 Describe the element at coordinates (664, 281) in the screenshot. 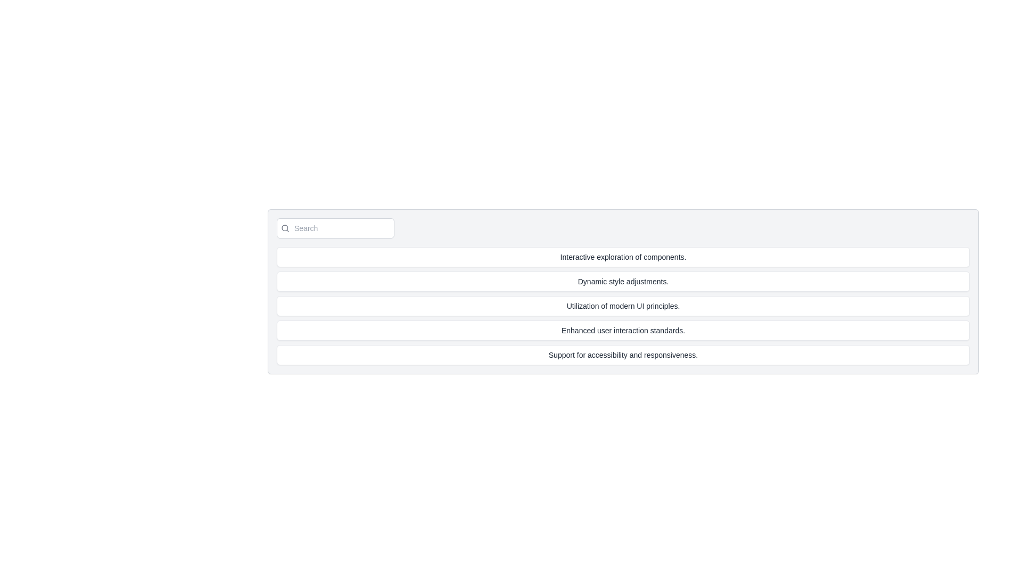

I see `the last character of the text 'Dynamic style adjustments.' which is located in the second row of the middle section of a vertically stacked text list` at that location.